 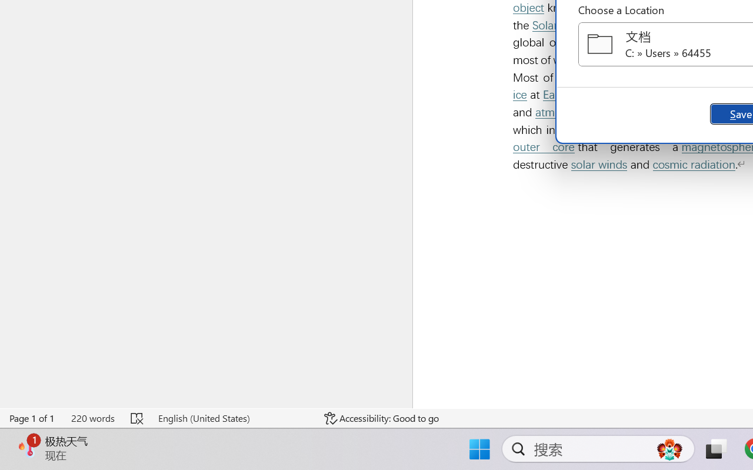 I want to click on 'Spelling and Grammar Check Errors', so click(x=138, y=418).